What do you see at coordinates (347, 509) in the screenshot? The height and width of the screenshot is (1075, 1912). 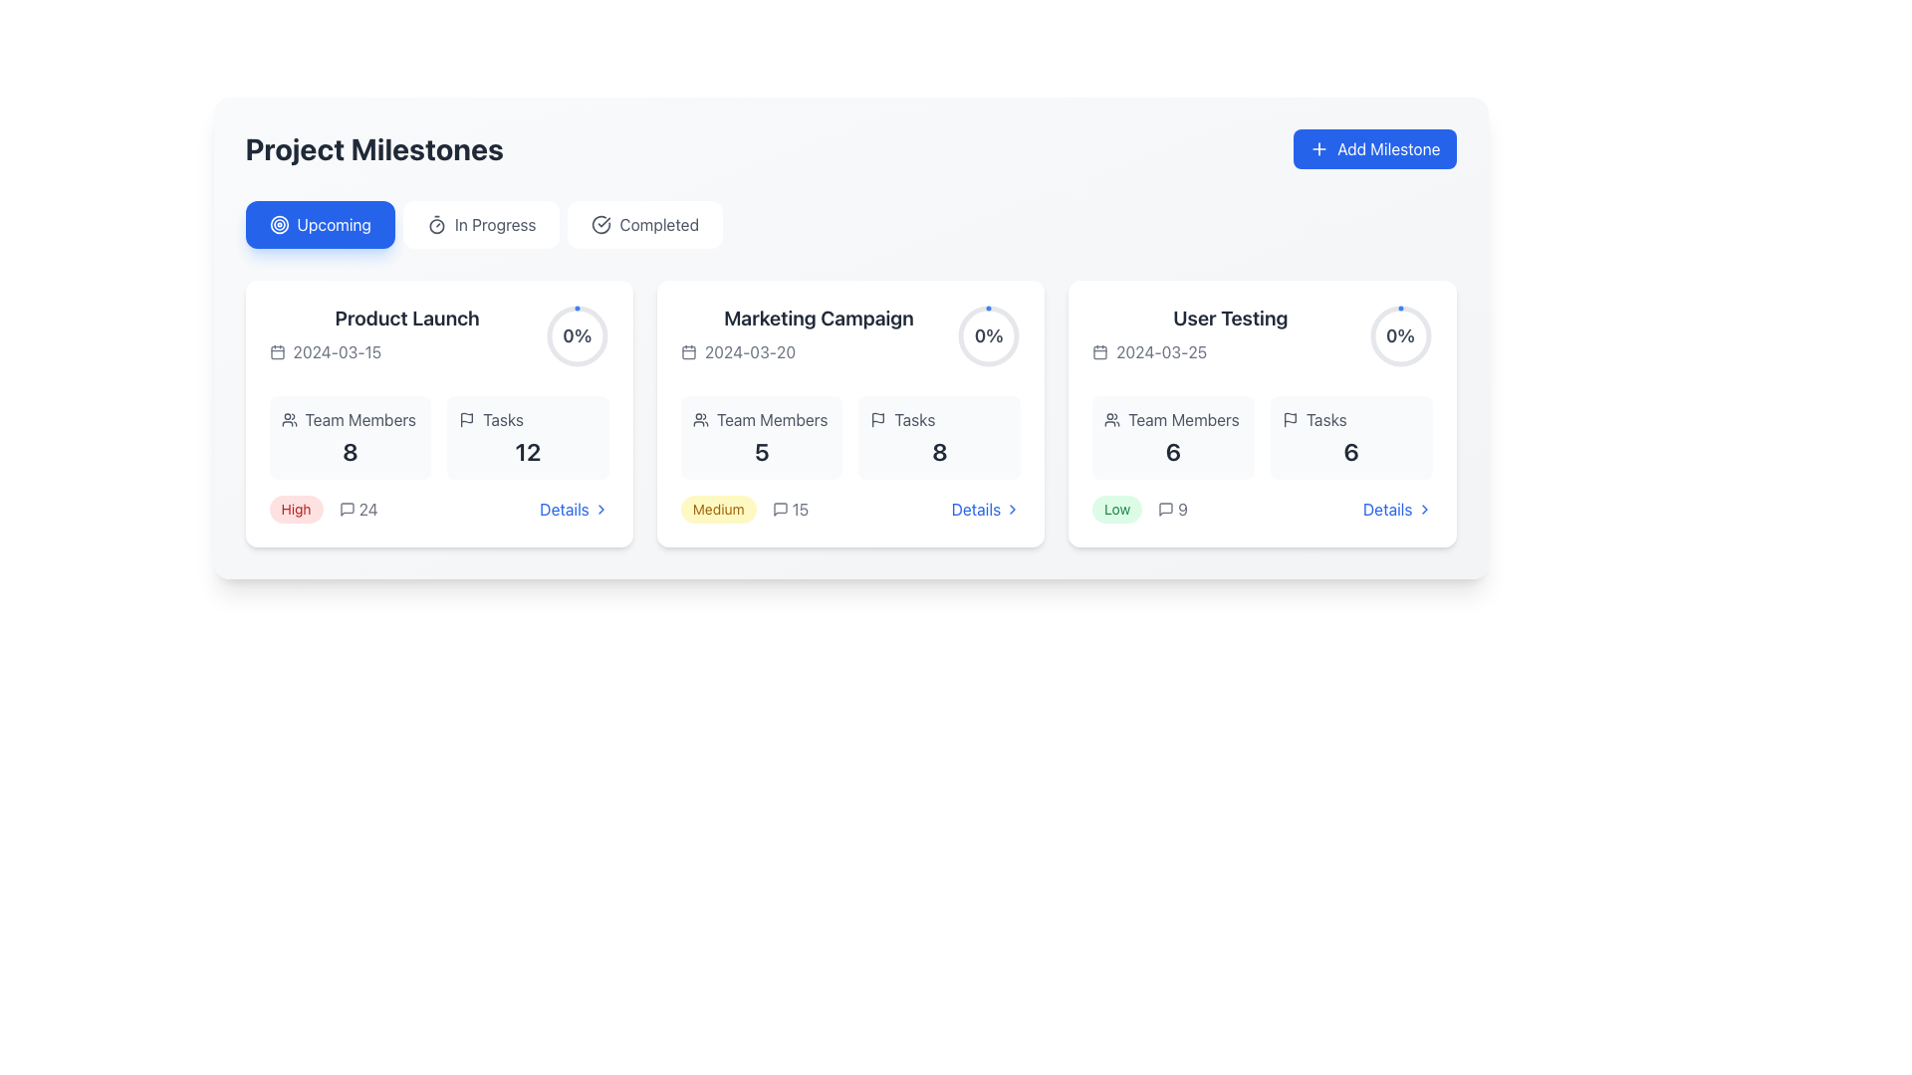 I see `the comments icon located in the first milestone card under the 'Product Launch' section, next to the text '24'` at bounding box center [347, 509].